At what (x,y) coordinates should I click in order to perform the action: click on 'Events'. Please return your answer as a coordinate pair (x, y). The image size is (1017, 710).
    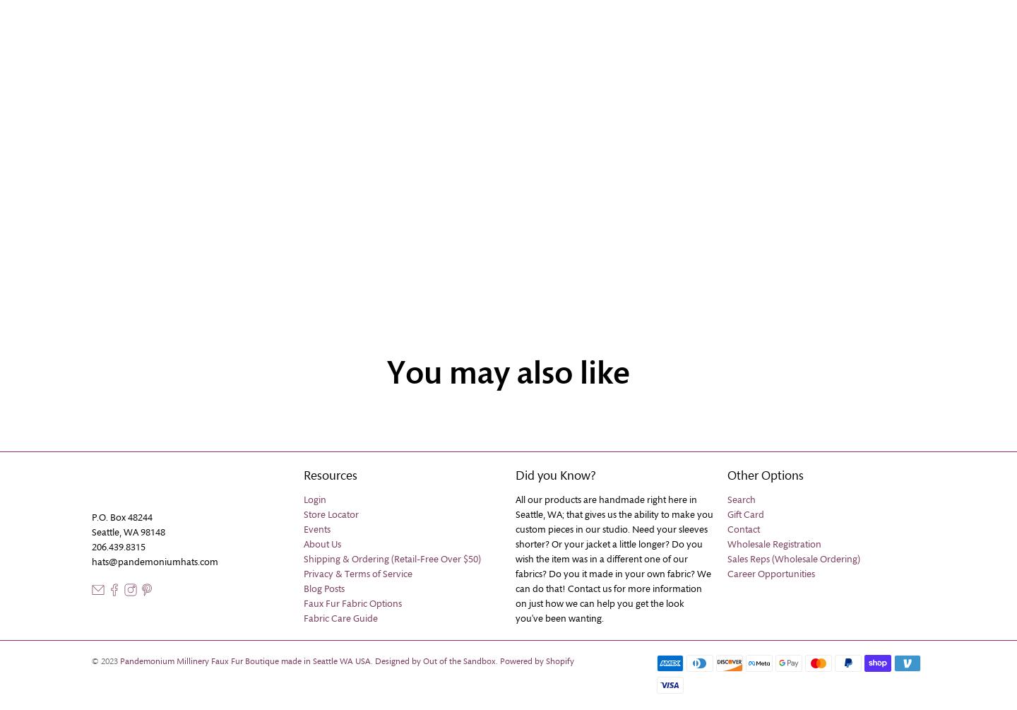
    Looking at the image, I should click on (316, 529).